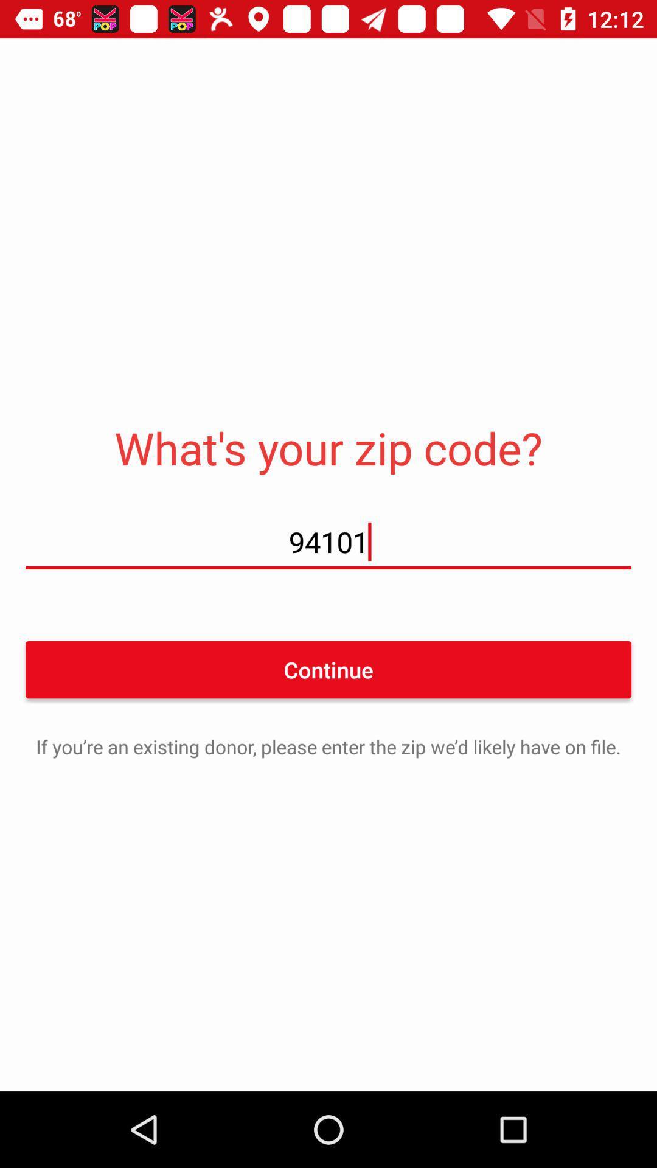 This screenshot has height=1168, width=657. I want to click on item below 94101 item, so click(328, 669).